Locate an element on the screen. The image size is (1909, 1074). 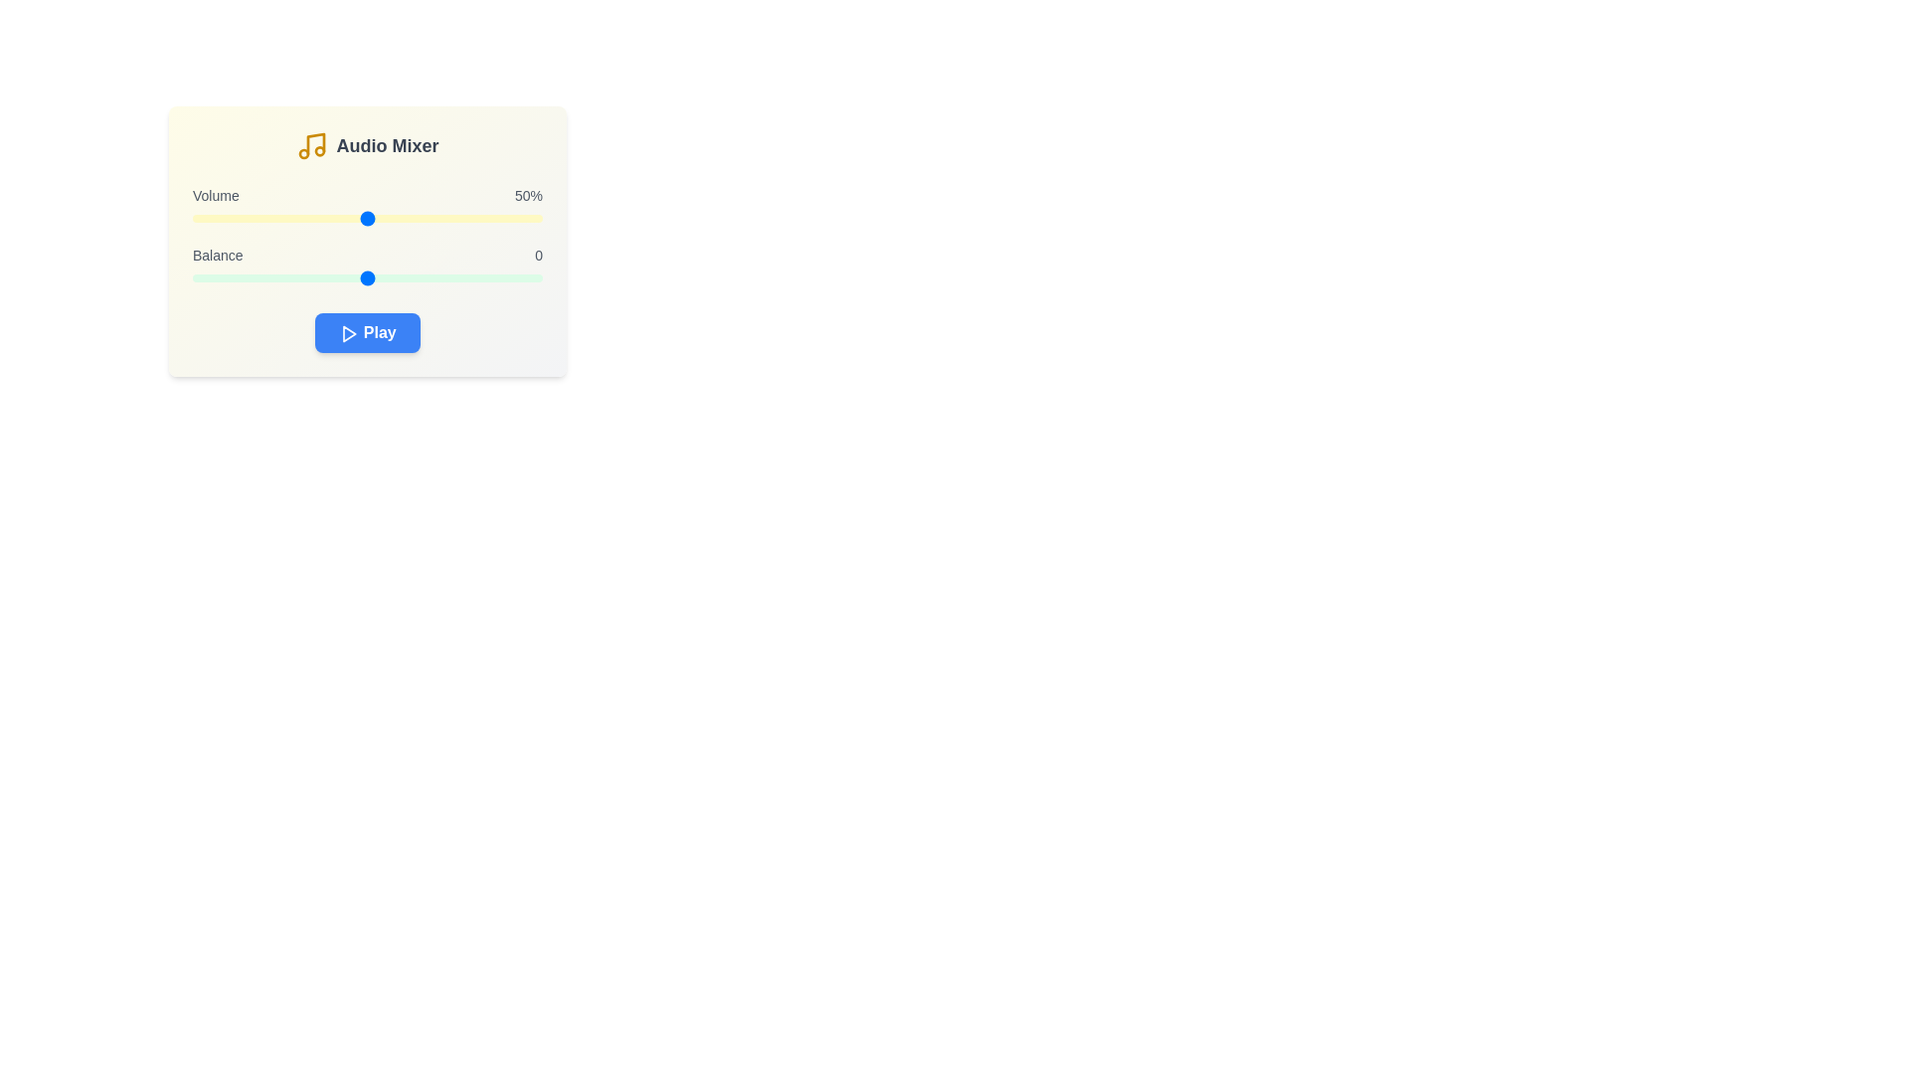
the volume is located at coordinates (271, 218).